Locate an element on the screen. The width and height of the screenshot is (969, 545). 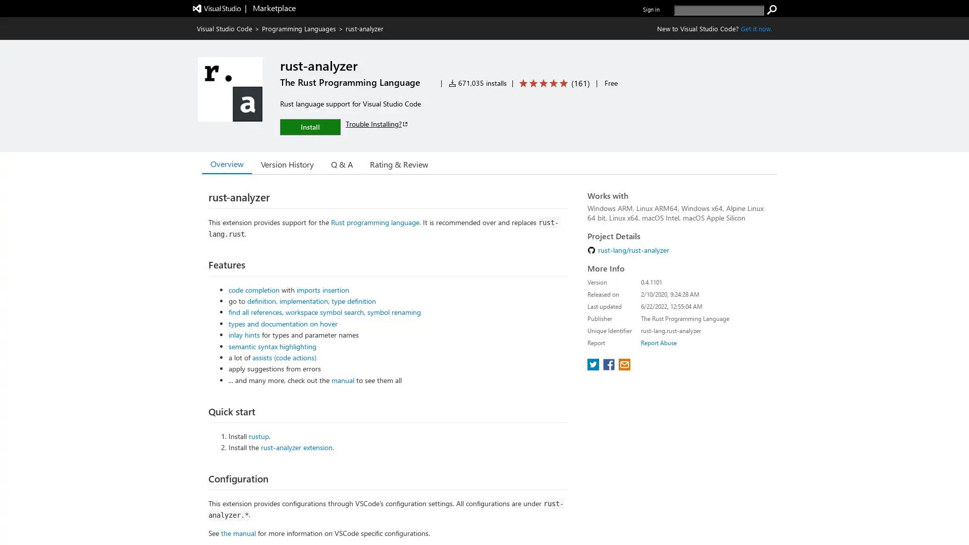
Install is located at coordinates (309, 126).